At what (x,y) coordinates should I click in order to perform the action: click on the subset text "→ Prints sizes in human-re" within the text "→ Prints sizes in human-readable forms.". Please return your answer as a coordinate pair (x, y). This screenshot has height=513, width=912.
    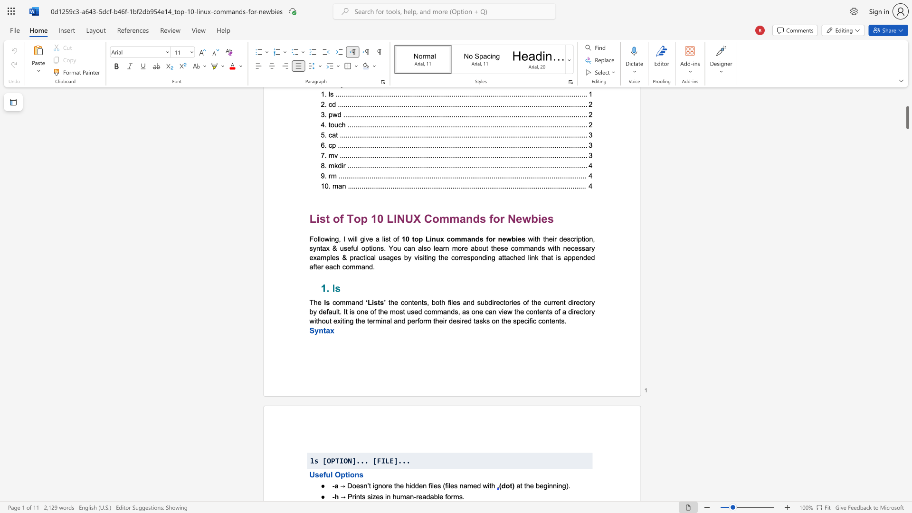
    Looking at the image, I should click on (341, 496).